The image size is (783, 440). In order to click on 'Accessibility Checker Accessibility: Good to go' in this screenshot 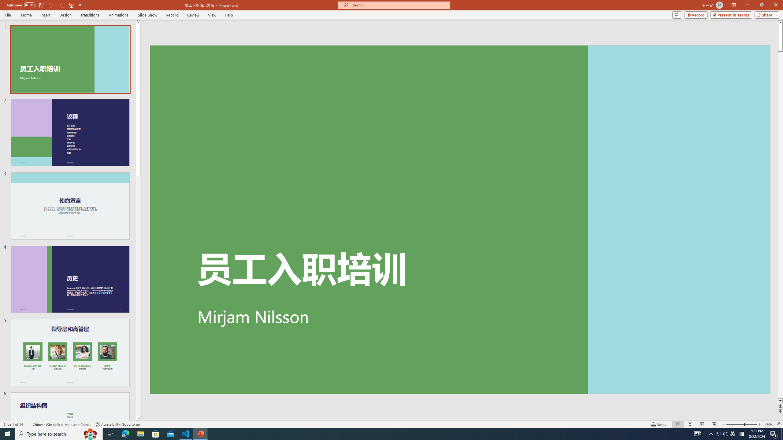, I will do `click(117, 424)`.